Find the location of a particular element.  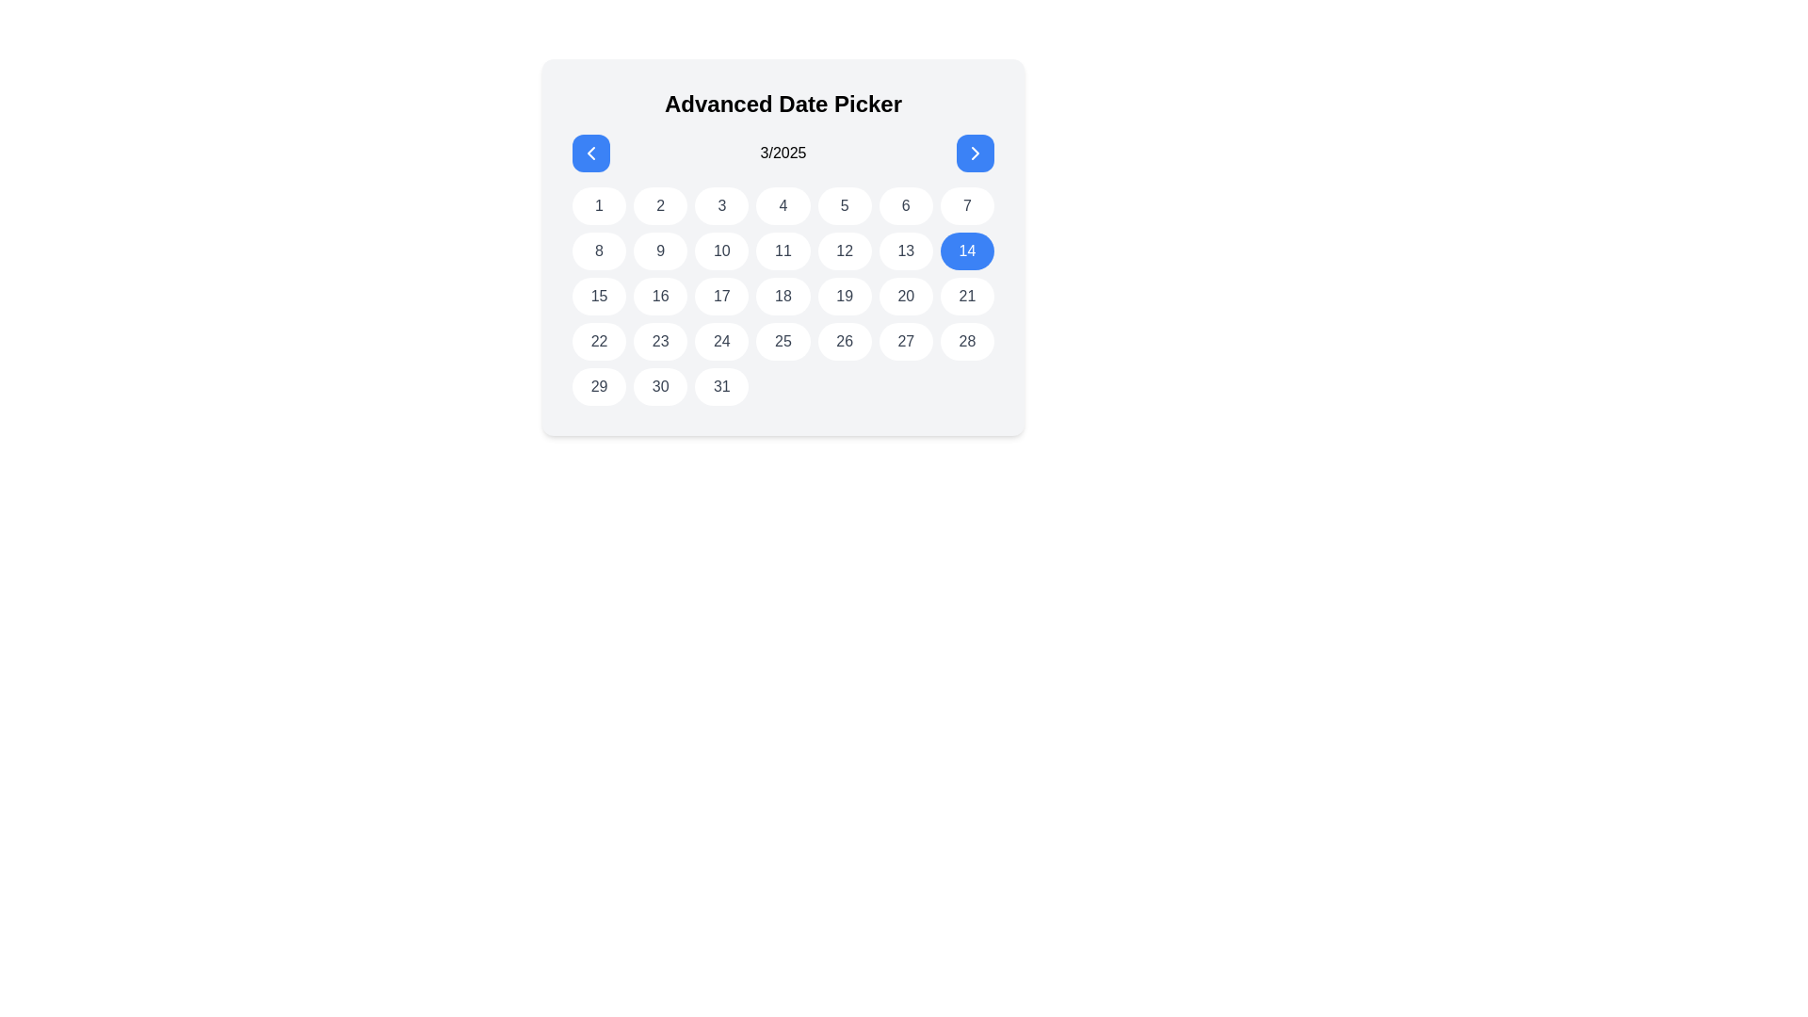

the rounded rectangular button displaying the number '18' in the date picker interface is located at coordinates (783, 297).